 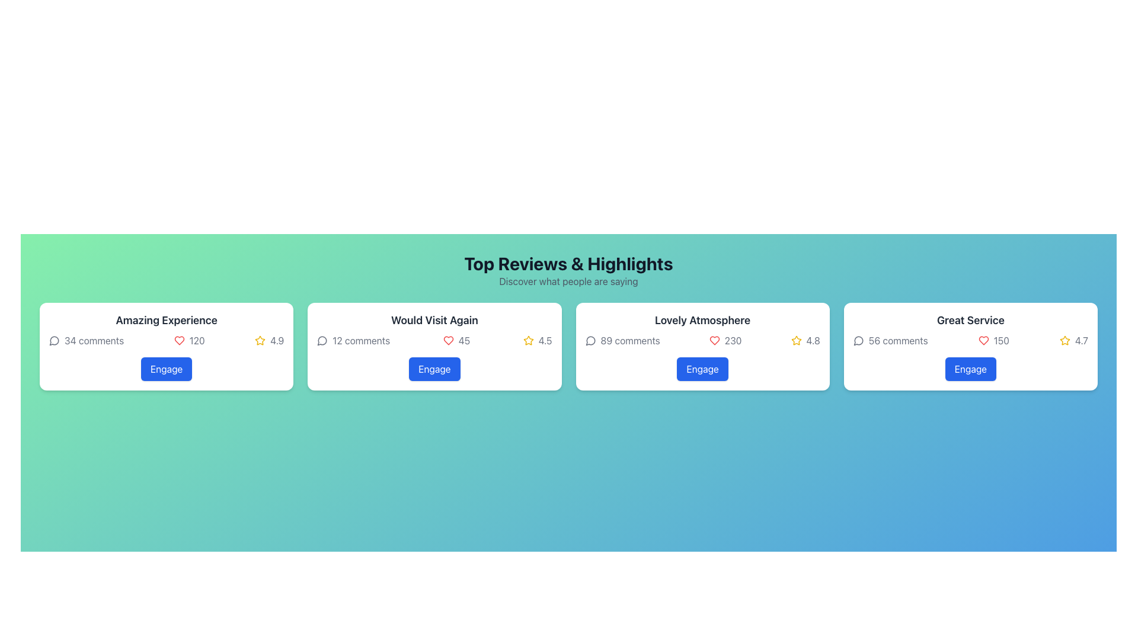 What do you see at coordinates (898, 340) in the screenshot?
I see `the text label that displays the number of comments related to the 'Great Service' review, located under the title in the 'Great Service' card` at bounding box center [898, 340].